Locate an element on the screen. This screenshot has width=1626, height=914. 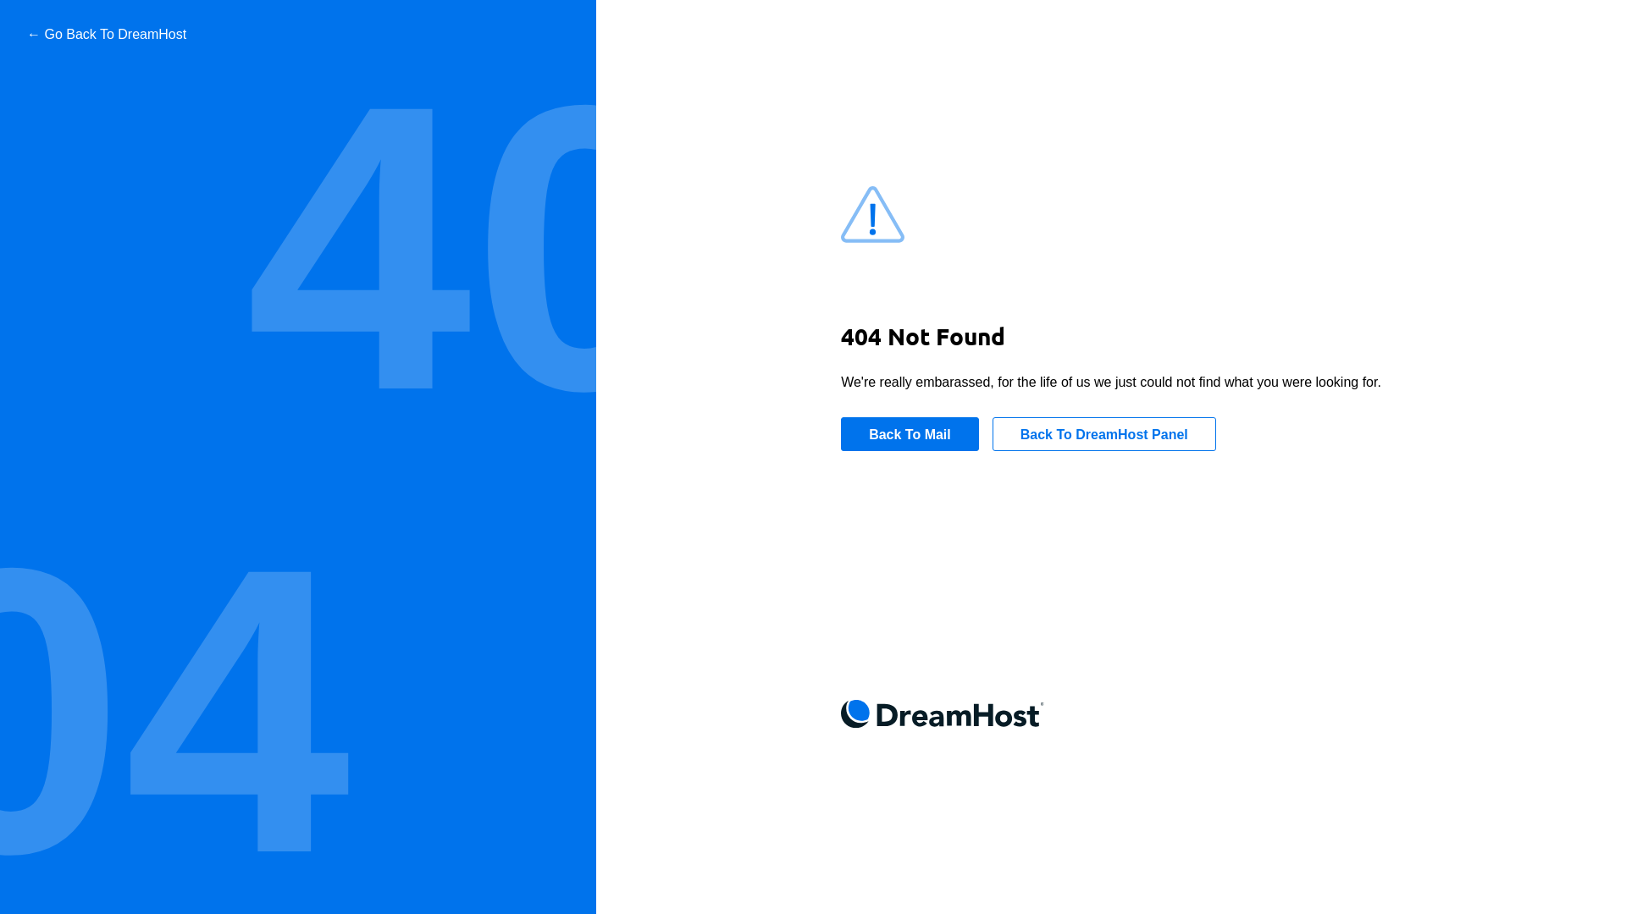
'Back To Mail' is located at coordinates (909, 433).